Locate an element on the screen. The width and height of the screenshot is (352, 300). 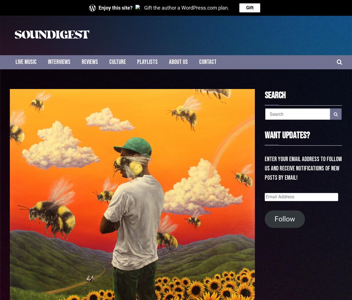
'Contact' is located at coordinates (208, 62).